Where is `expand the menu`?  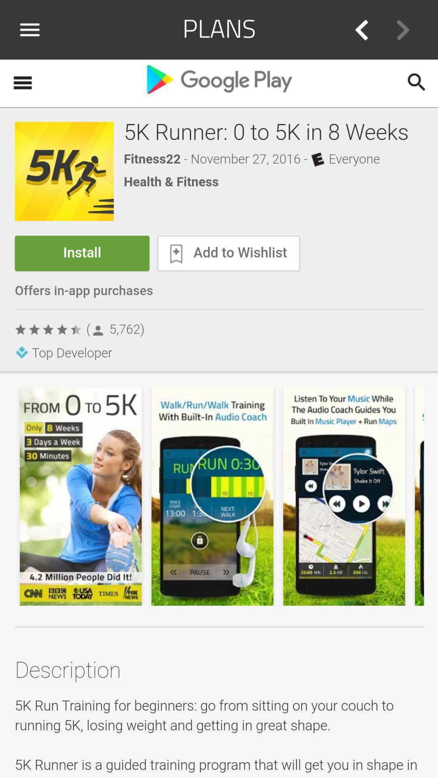 expand the menu is located at coordinates (32, 30).